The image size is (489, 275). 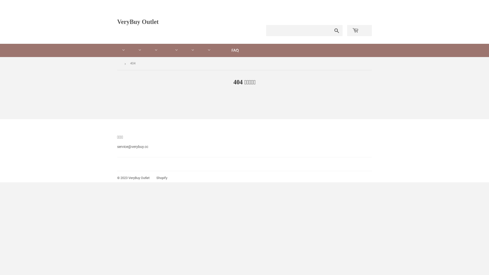 What do you see at coordinates (133, 146) in the screenshot?
I see `'service@verybuy.cc'` at bounding box center [133, 146].